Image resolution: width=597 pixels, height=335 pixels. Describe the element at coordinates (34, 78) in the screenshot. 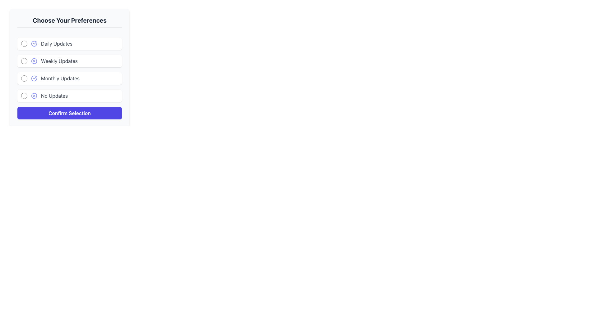

I see `the upper part of the circular icon in the SVG, which is located to the left of the text 'Monthly Updates'` at that location.